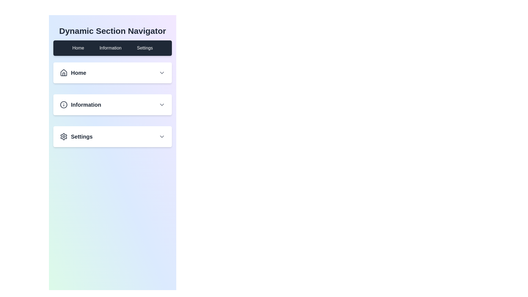 Image resolution: width=528 pixels, height=297 pixels. What do you see at coordinates (145, 48) in the screenshot?
I see `the 'Settings' navigational tab, which is the third tab in a horizontal navigation bar` at bounding box center [145, 48].